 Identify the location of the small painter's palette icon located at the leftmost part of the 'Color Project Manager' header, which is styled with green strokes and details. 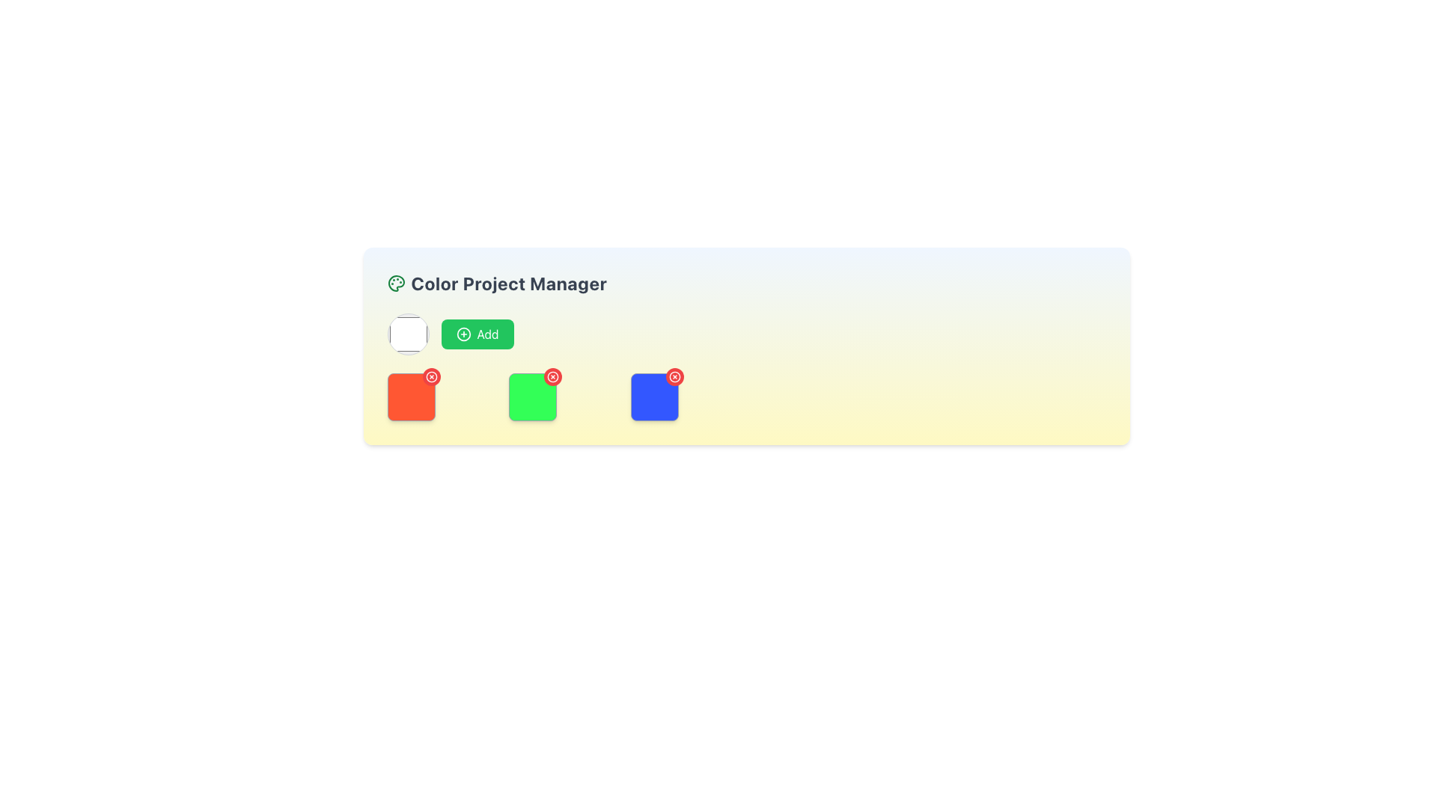
(396, 283).